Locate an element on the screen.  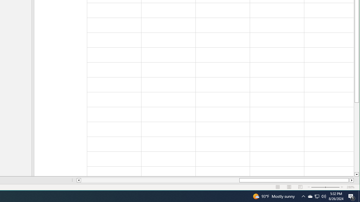
'Page Layout' is located at coordinates (289, 187).